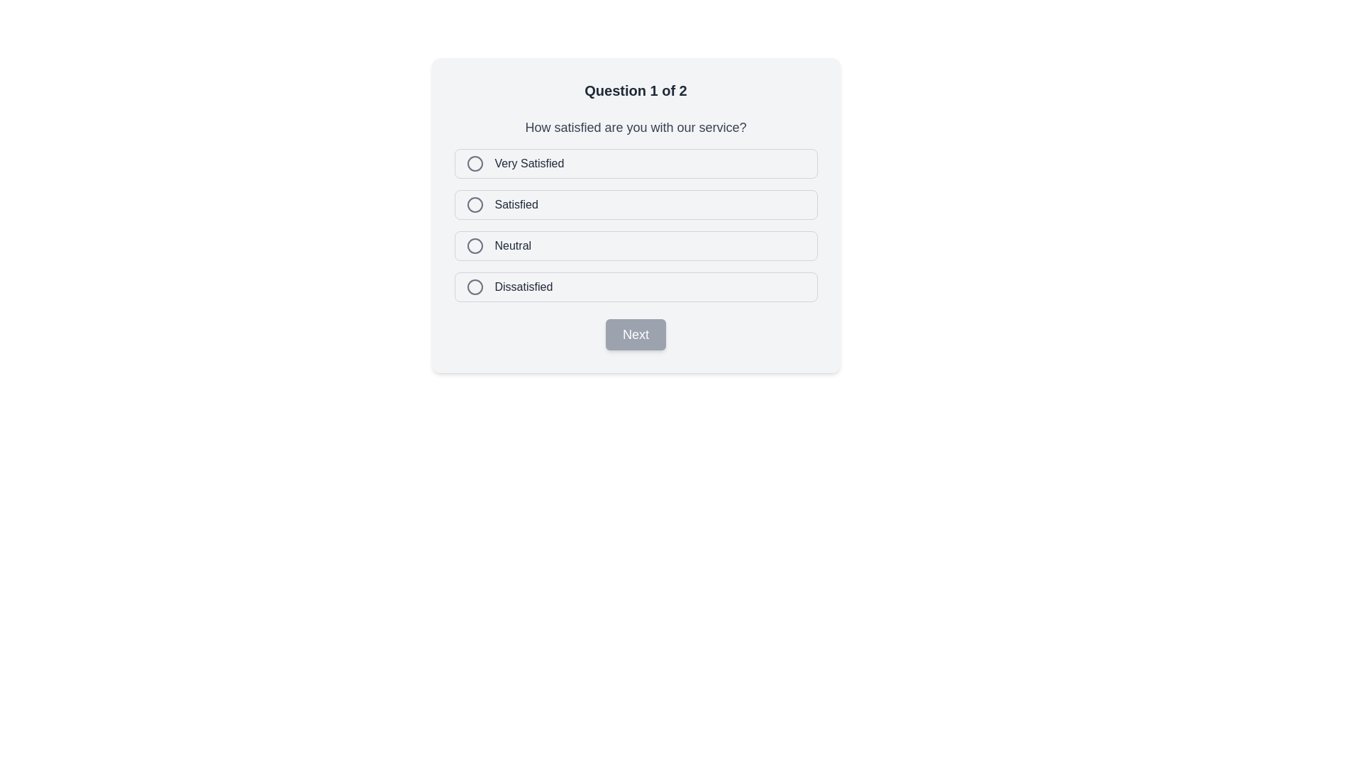 This screenshot has height=766, width=1362. Describe the element at coordinates (516, 205) in the screenshot. I see `the text label that serves as a descriptor for the second radio button in the vertical list of survey options` at that location.